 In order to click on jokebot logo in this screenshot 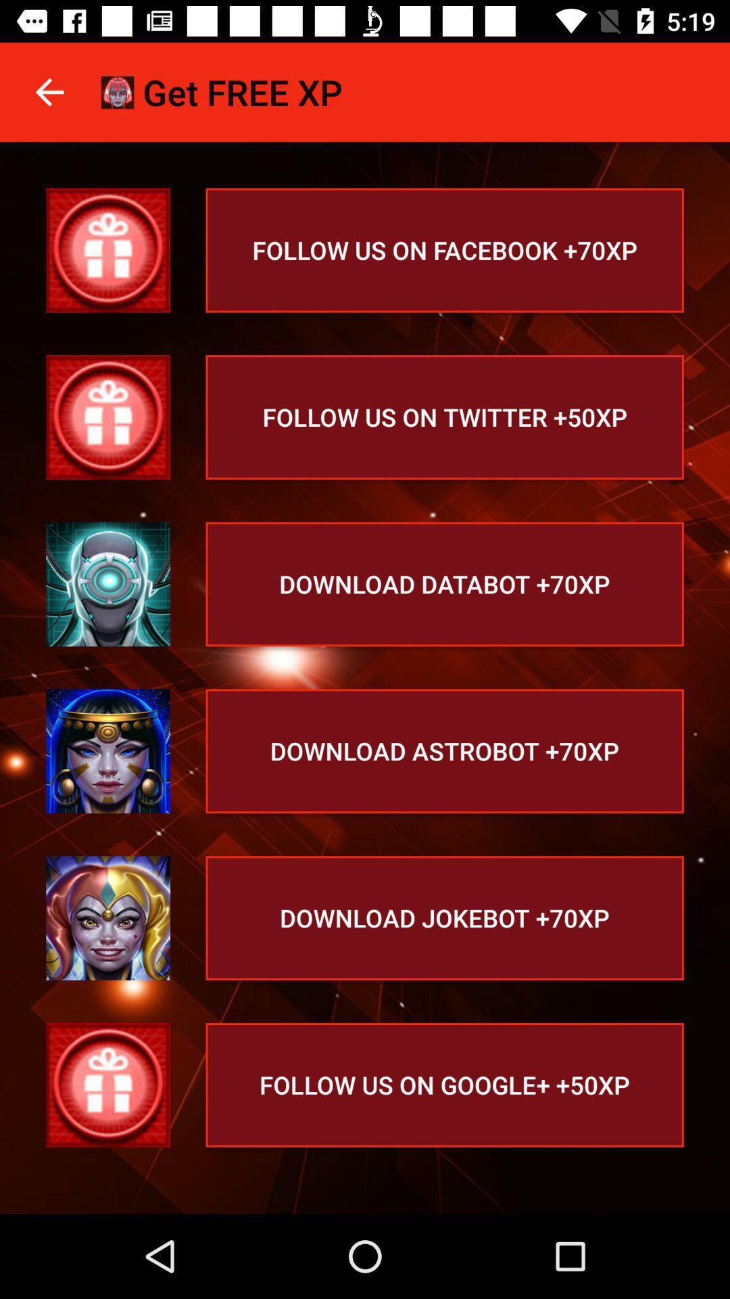, I will do `click(107, 918)`.